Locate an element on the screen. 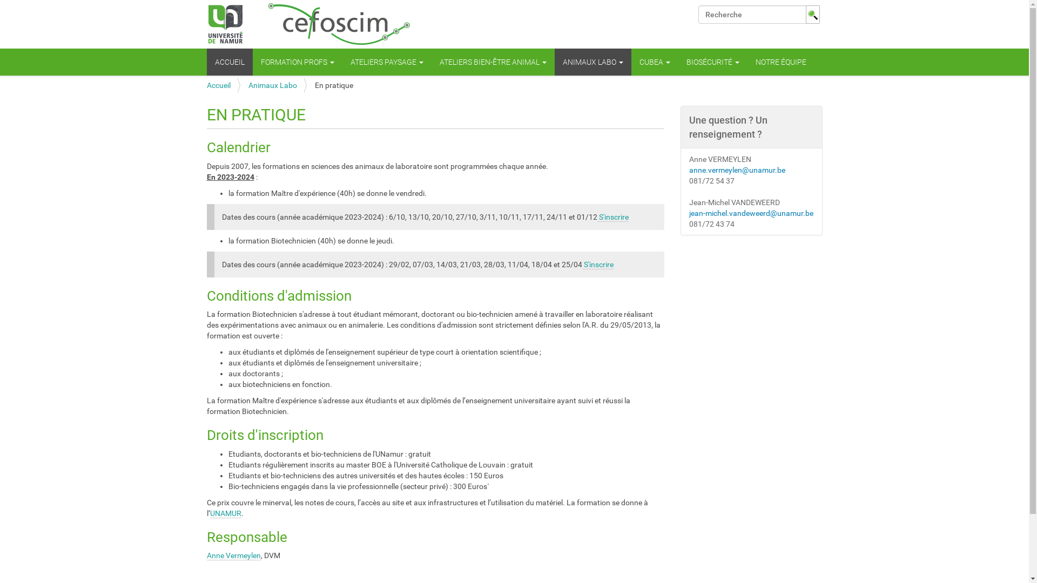 The height and width of the screenshot is (583, 1037). 'anne.vermeylen@unamur.be' is located at coordinates (689, 170).